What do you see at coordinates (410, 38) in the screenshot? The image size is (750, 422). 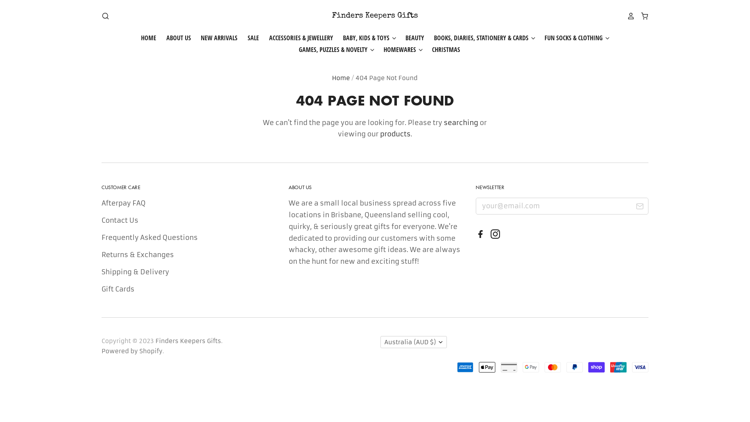 I see `'BEAUTY'` at bounding box center [410, 38].